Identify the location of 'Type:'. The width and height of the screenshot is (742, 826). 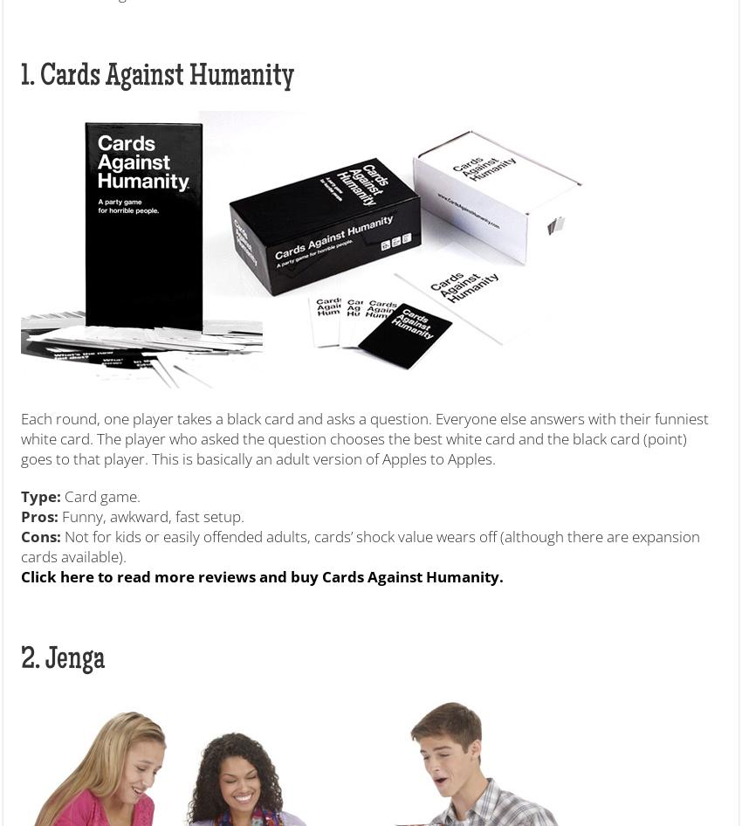
(41, 494).